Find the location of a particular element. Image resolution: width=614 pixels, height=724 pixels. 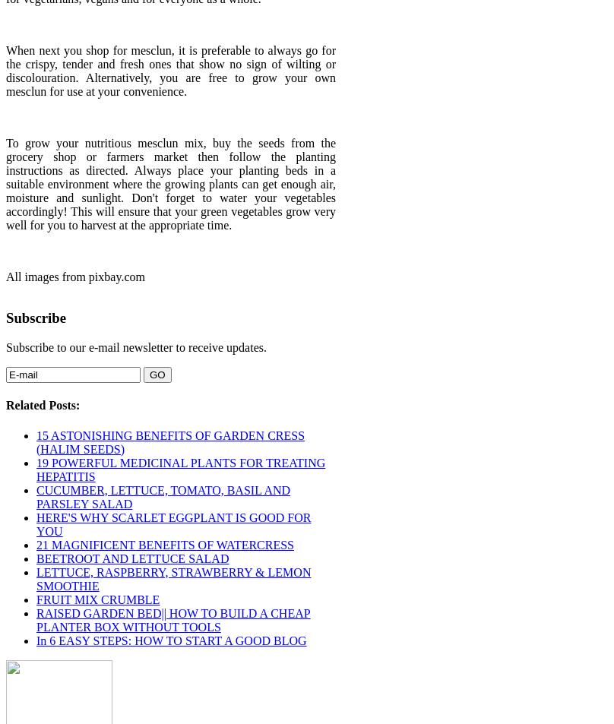

'LETTUCE, RASPBERRY, STRAWBERRY & LEMON SMOOTHIE' is located at coordinates (36, 578).